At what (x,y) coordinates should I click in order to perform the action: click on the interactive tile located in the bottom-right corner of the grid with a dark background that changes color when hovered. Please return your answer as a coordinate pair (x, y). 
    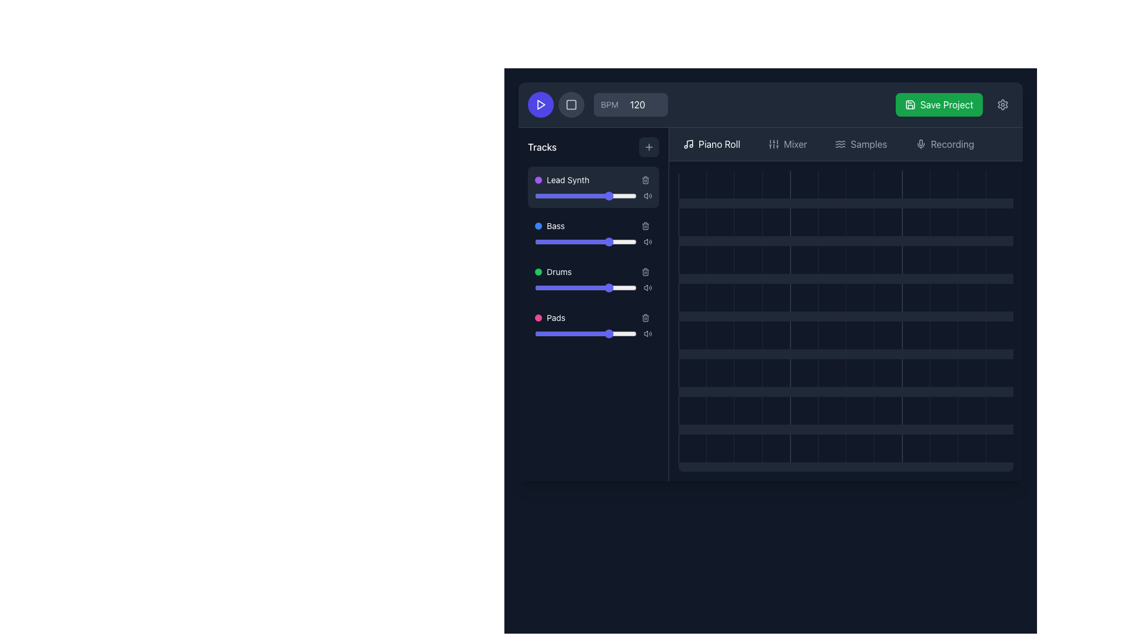
    Looking at the image, I should click on (999, 448).